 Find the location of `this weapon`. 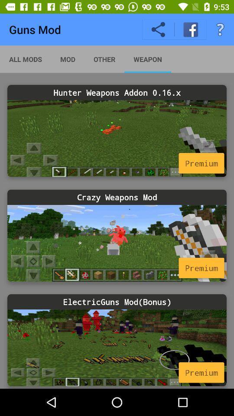

this weapon is located at coordinates (117, 348).